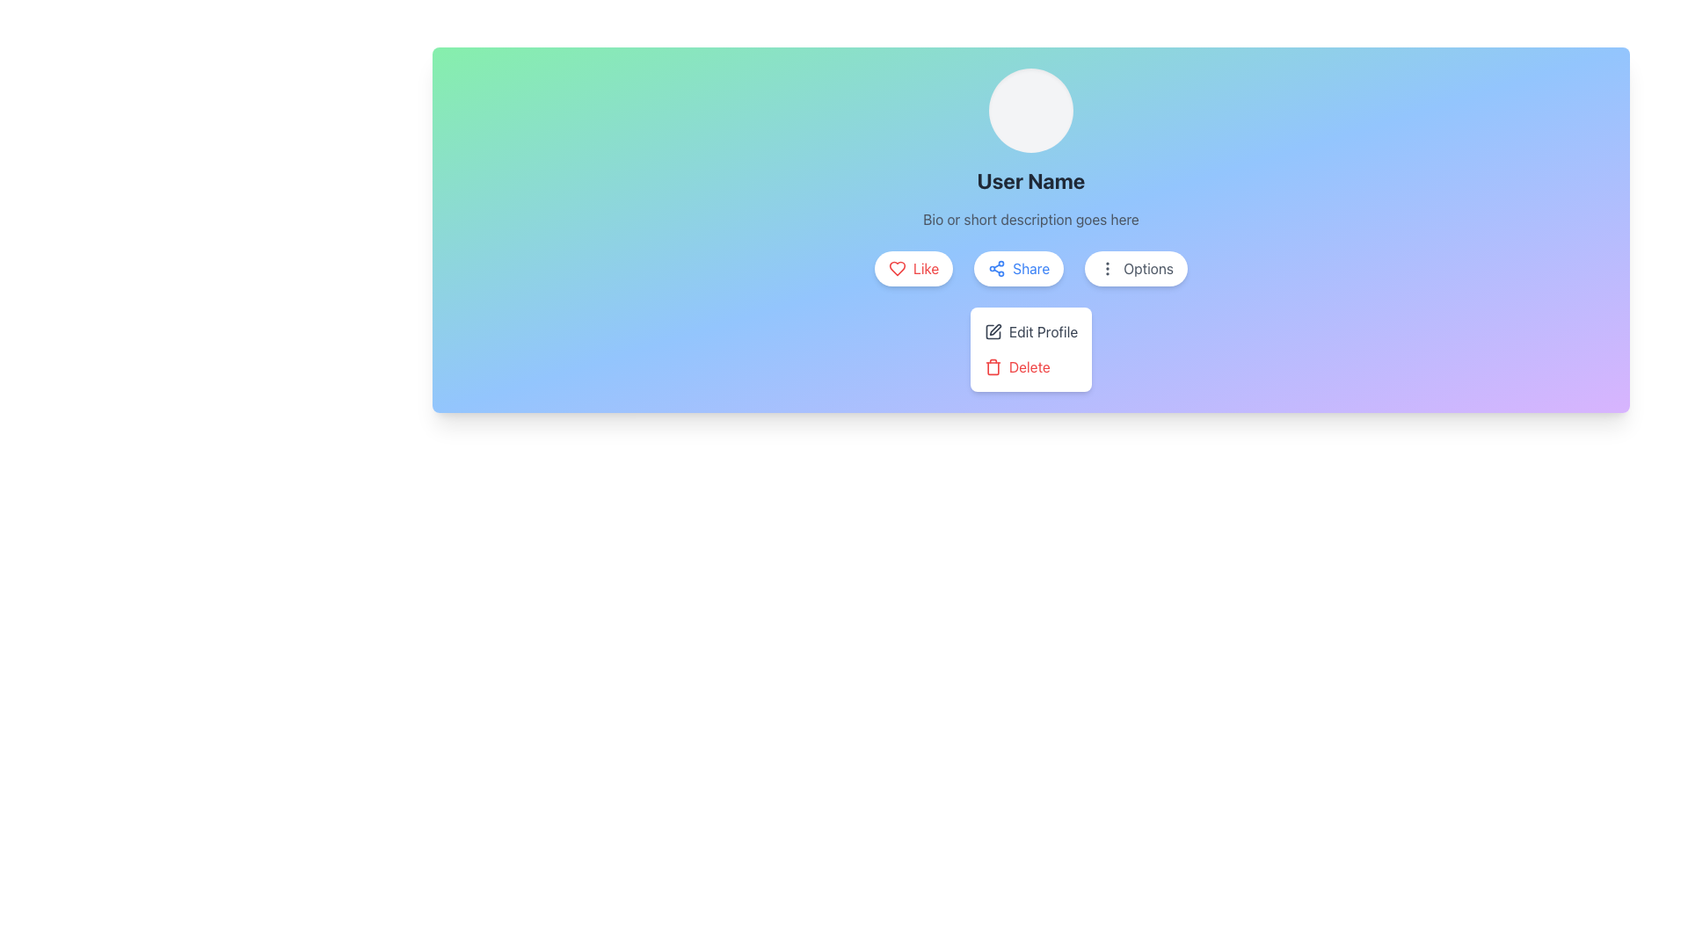  I want to click on the 'Options' button, which is a horizontally aligned button with gray text and a white background, so click(1136, 268).